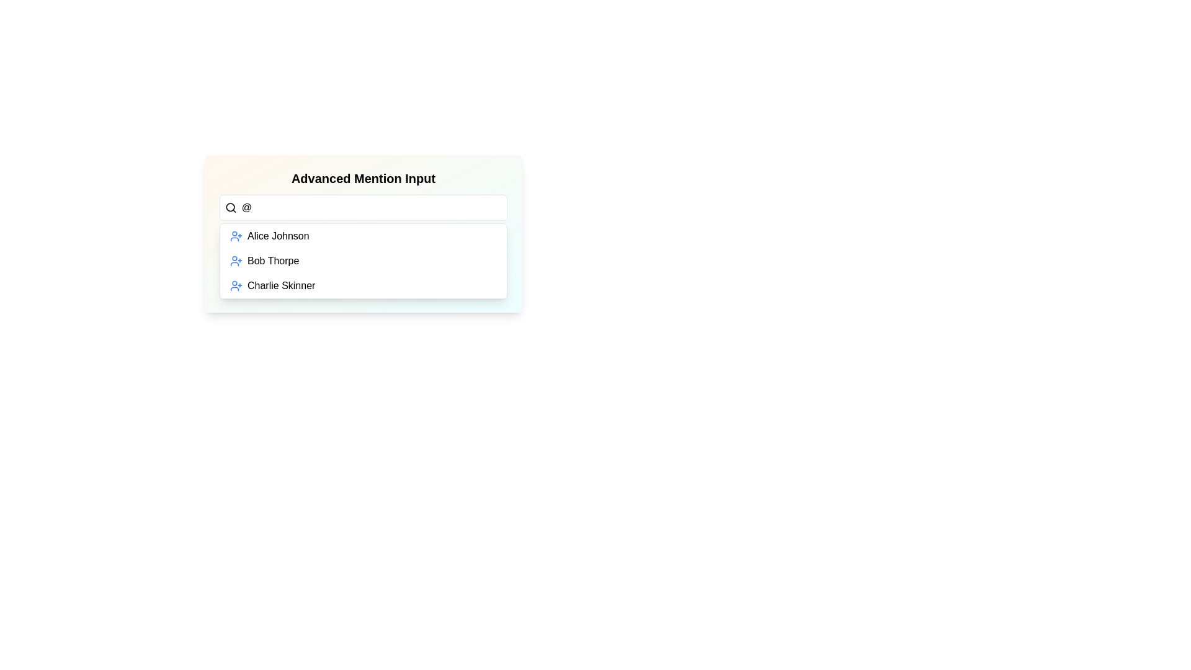 The height and width of the screenshot is (670, 1191). Describe the element at coordinates (236, 260) in the screenshot. I see `the blue icon of a stylized person with a plus sign next to the text 'Bob Thorpe' in the user selection list` at that location.